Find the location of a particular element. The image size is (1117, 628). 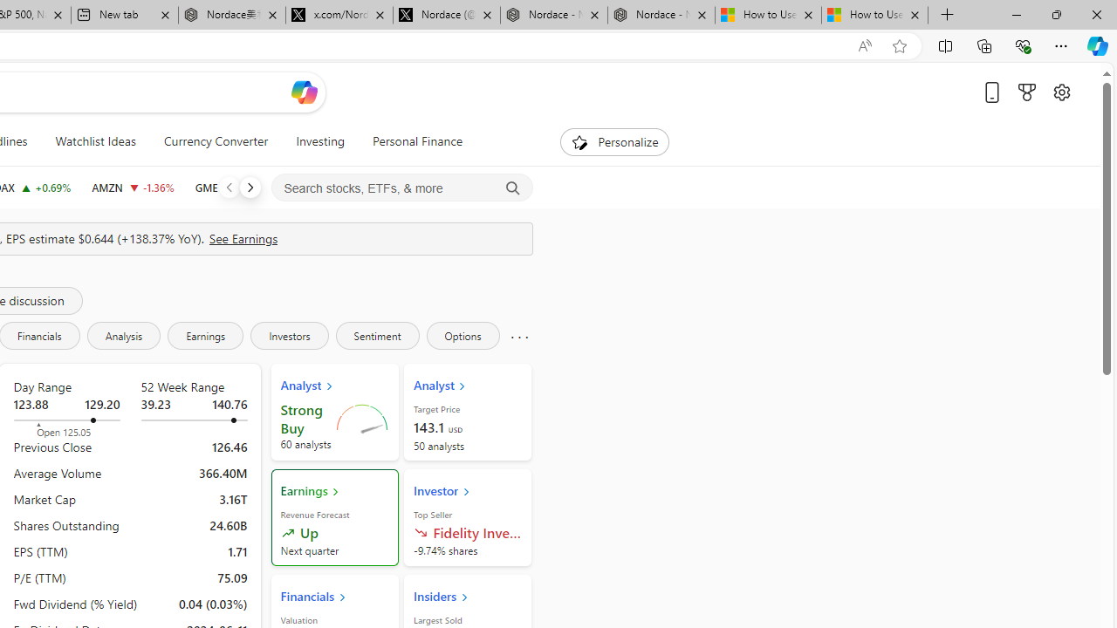

'Options' is located at coordinates (463, 335).